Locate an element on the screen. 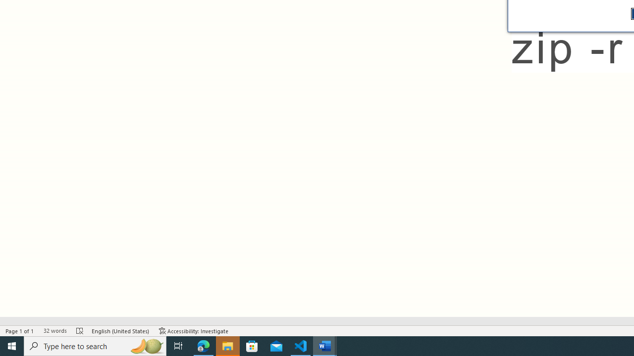 The image size is (634, 356). 'Page Number Page 1 of 1' is located at coordinates (20, 331).